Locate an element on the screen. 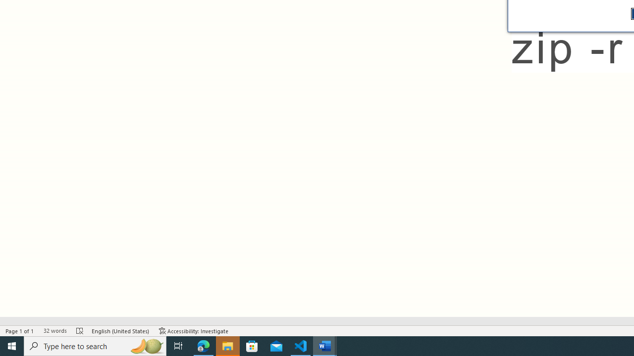 The image size is (634, 356). 'Page Number Page 1 of 1' is located at coordinates (20, 331).